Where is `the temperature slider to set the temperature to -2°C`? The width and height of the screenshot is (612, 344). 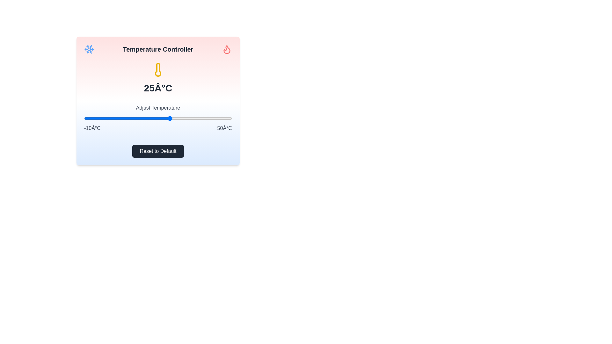
the temperature slider to set the temperature to -2°C is located at coordinates (104, 118).